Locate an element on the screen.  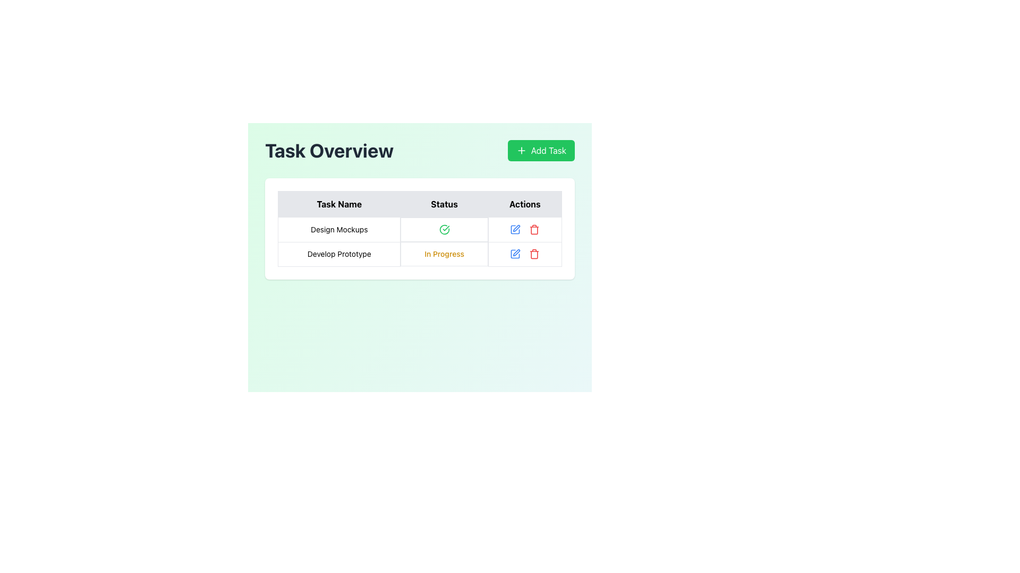
the trash can icon, which is the third action button in the 'Actions' column of the second row in the task table is located at coordinates (534, 230).